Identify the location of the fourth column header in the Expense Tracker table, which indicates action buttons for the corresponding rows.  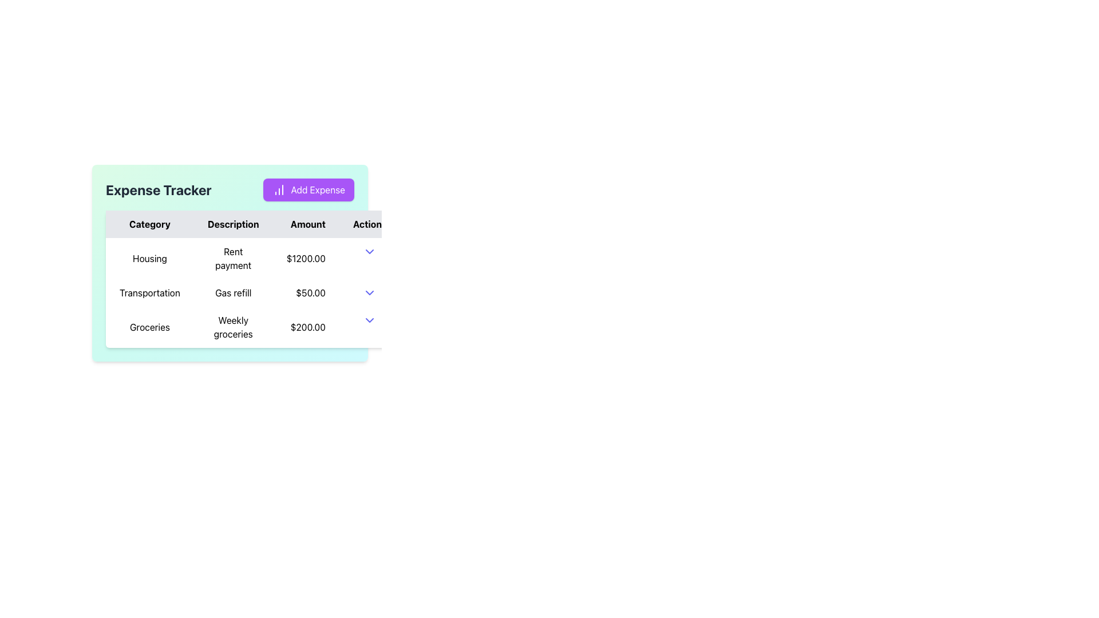
(370, 224).